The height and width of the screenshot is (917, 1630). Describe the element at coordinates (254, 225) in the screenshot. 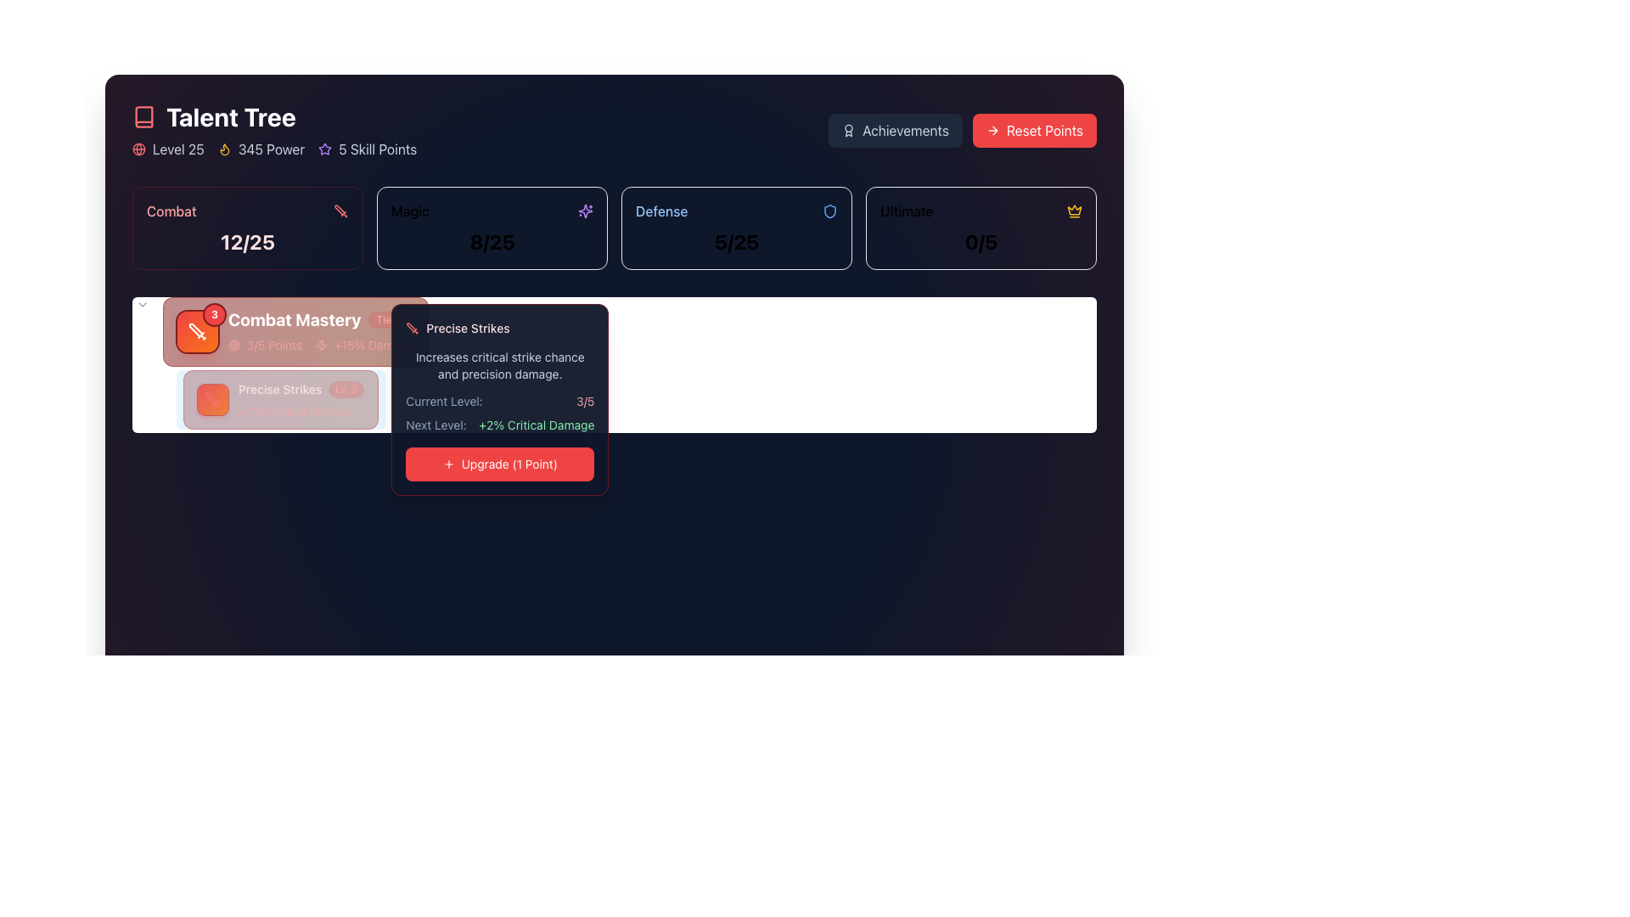

I see `the text display area that shows 'Summer Hits 2024' with a bold title and '42 tracks' as subtext, positioned towards the top-left of the interface` at that location.